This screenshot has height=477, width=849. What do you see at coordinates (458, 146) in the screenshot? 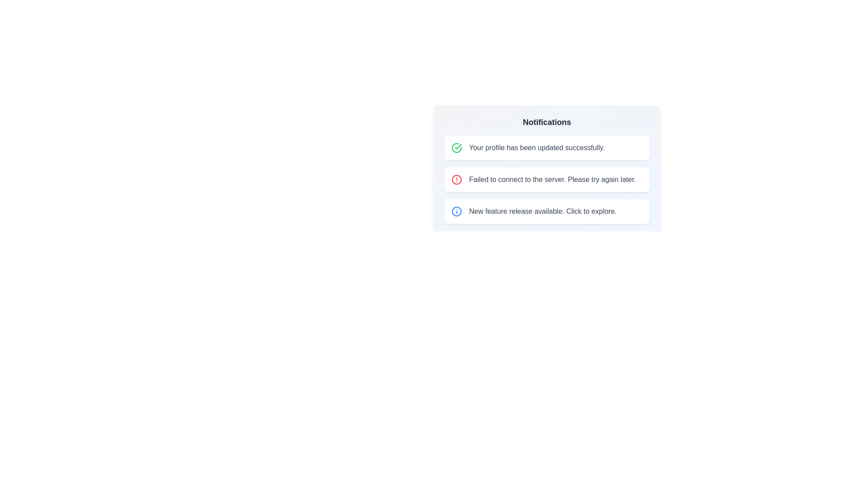
I see `the green circular icon indicating a successful action in the notification section, positioned to the left of the first notification message` at bounding box center [458, 146].